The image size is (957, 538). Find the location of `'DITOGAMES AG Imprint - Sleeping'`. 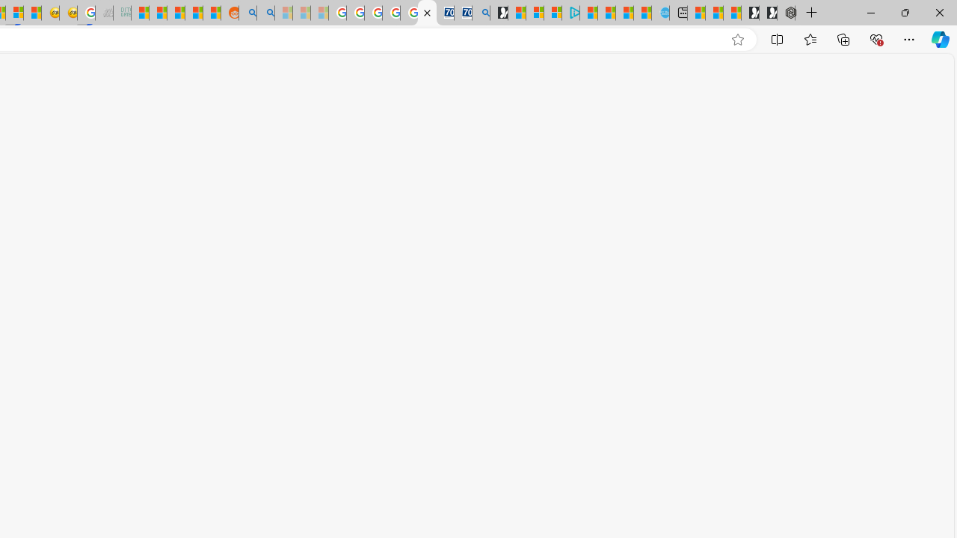

'DITOGAMES AG Imprint - Sleeping' is located at coordinates (122, 13).